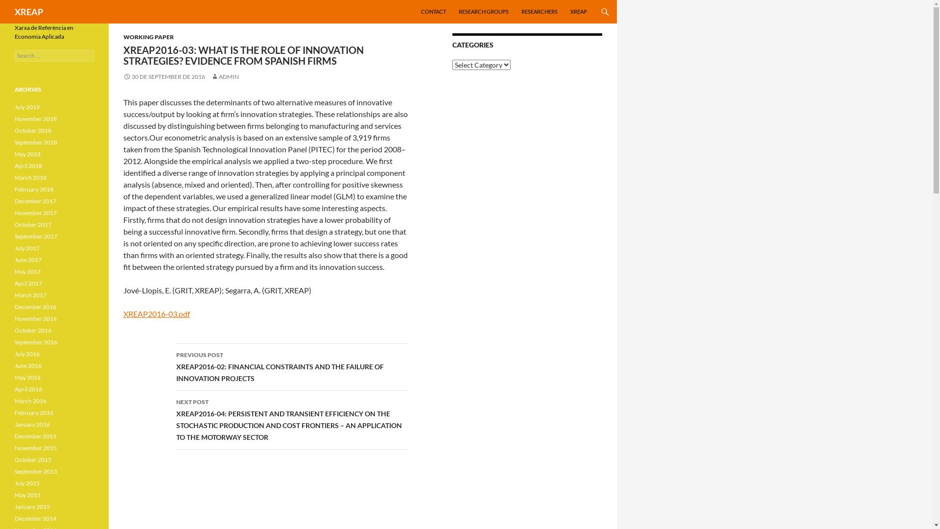 Image resolution: width=940 pixels, height=529 pixels. I want to click on 'April 2016', so click(14, 388).